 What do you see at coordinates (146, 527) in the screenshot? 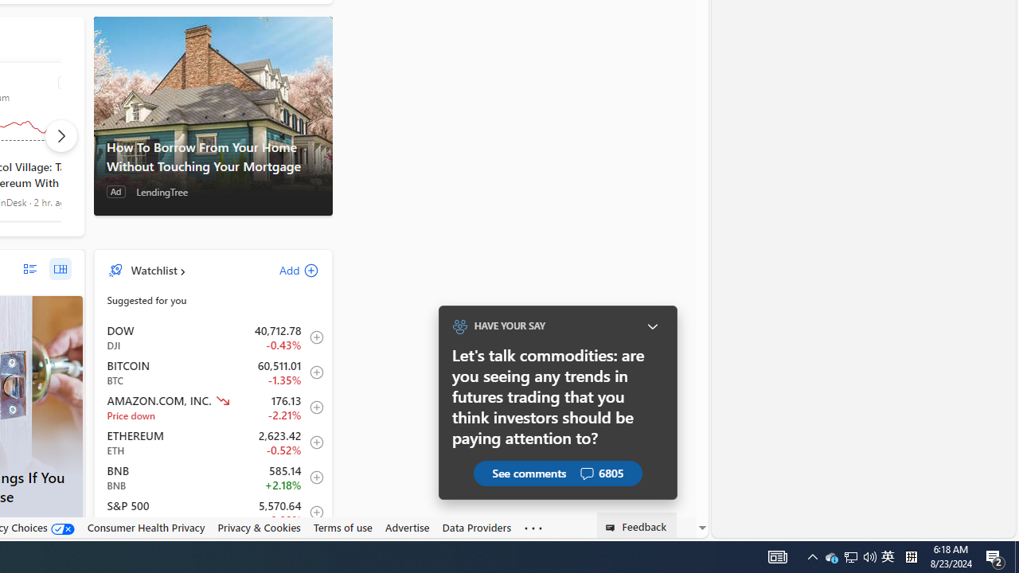
I see `'Consumer Health Privacy'` at bounding box center [146, 527].